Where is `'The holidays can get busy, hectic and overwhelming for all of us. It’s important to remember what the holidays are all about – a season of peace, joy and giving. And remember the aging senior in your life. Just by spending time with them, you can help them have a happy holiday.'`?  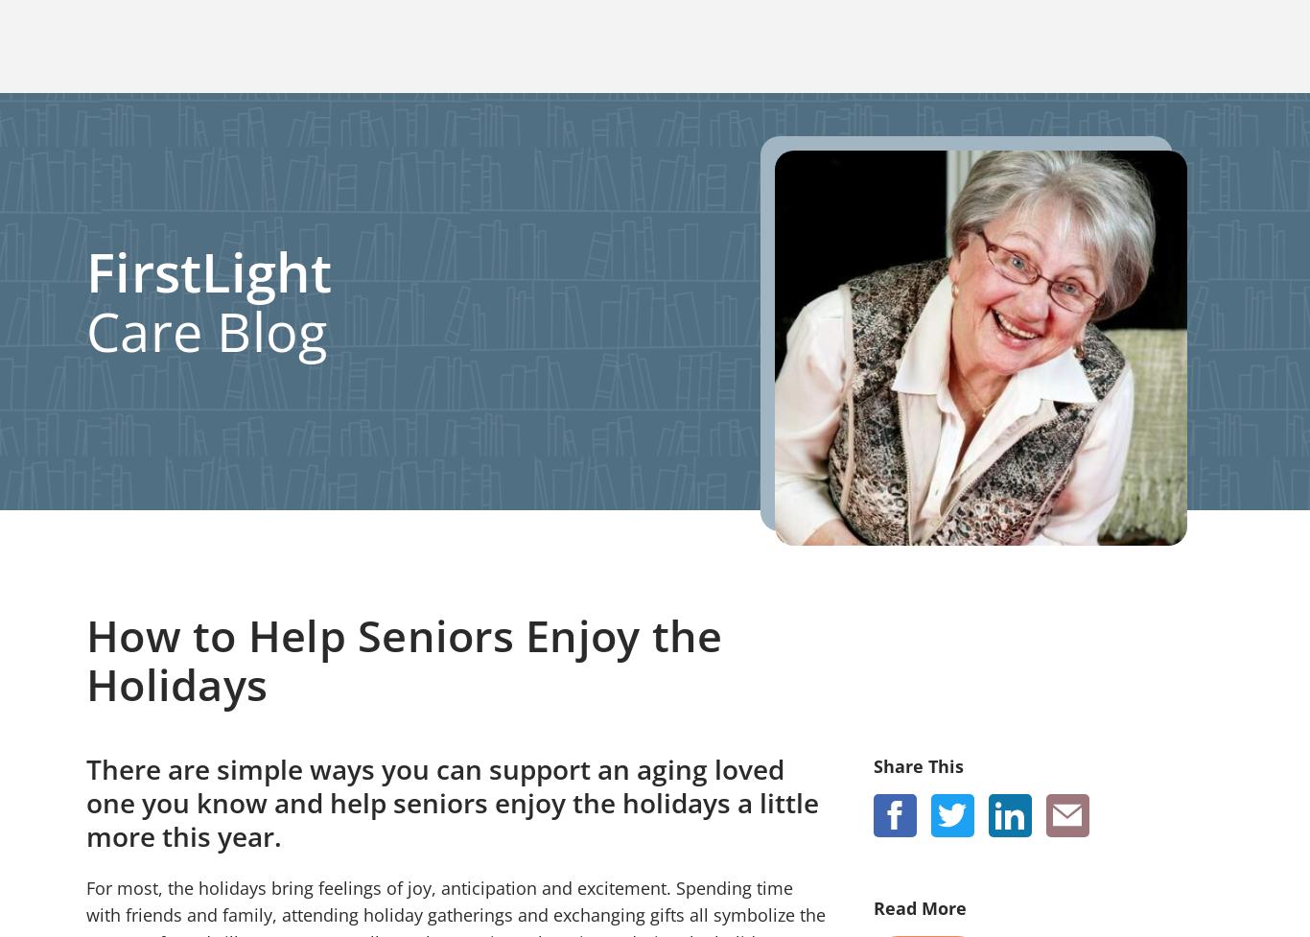
'The holidays can get busy, hectic and overwhelming for all of us. It’s important to remember what the holidays are all about – a season of peace, joy and giving. And remember the aging senior in your life. Just by spending time with them, you can help them have a happy holiday.' is located at coordinates (86, 129).